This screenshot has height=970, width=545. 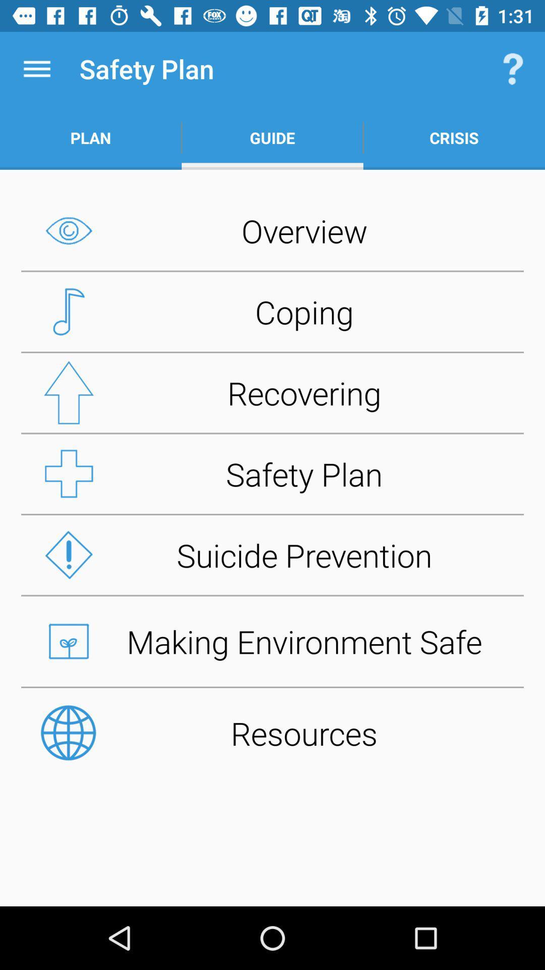 What do you see at coordinates (453, 137) in the screenshot?
I see `icon to the right of guide item` at bounding box center [453, 137].